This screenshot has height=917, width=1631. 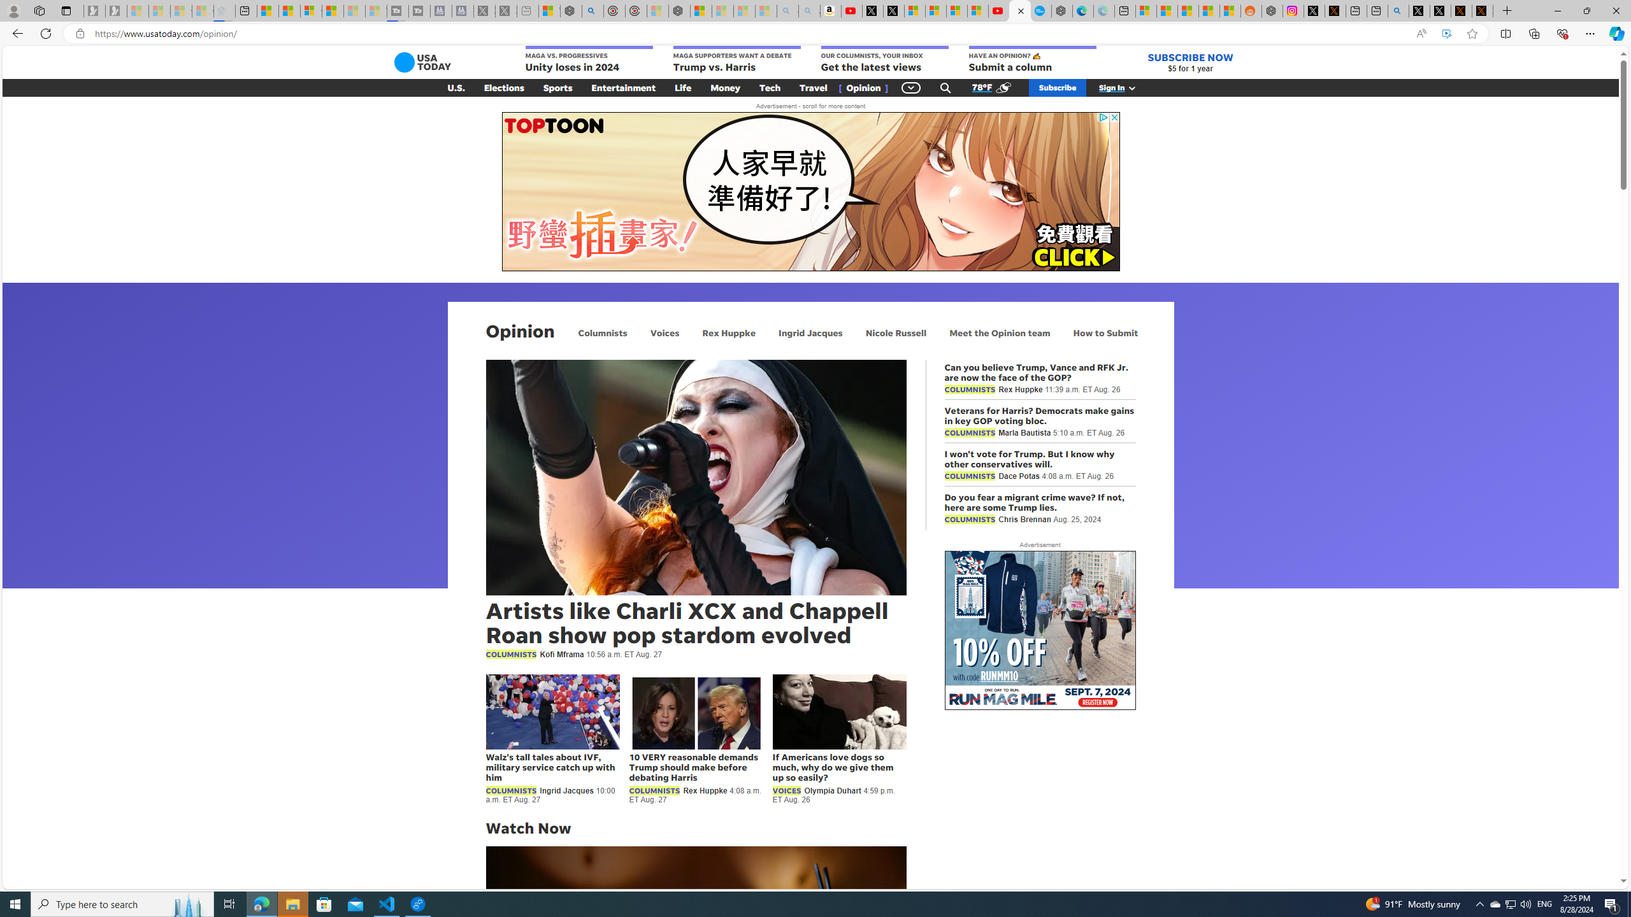 What do you see at coordinates (589, 59) in the screenshot?
I see `'MAGA VS. PROGRESSIVES Unity loses in 2024'` at bounding box center [589, 59].